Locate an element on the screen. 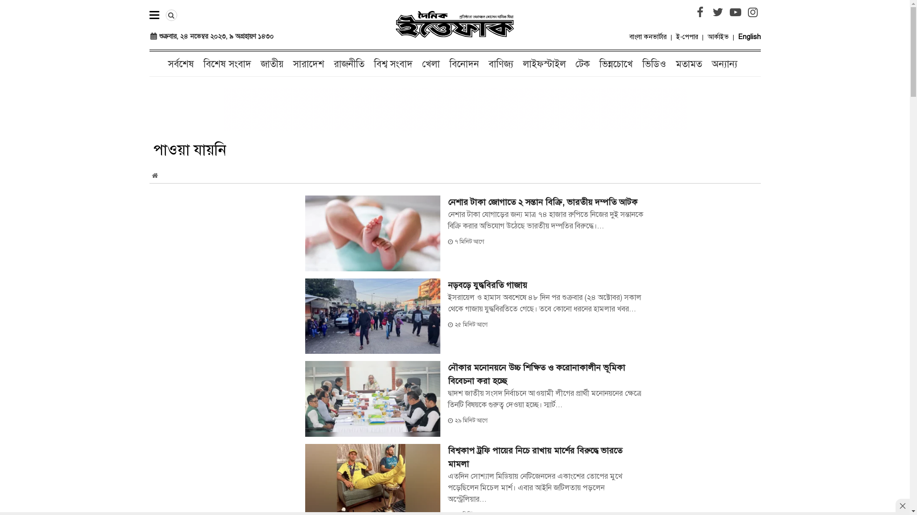 This screenshot has height=515, width=917. 'Facebook' is located at coordinates (700, 12).